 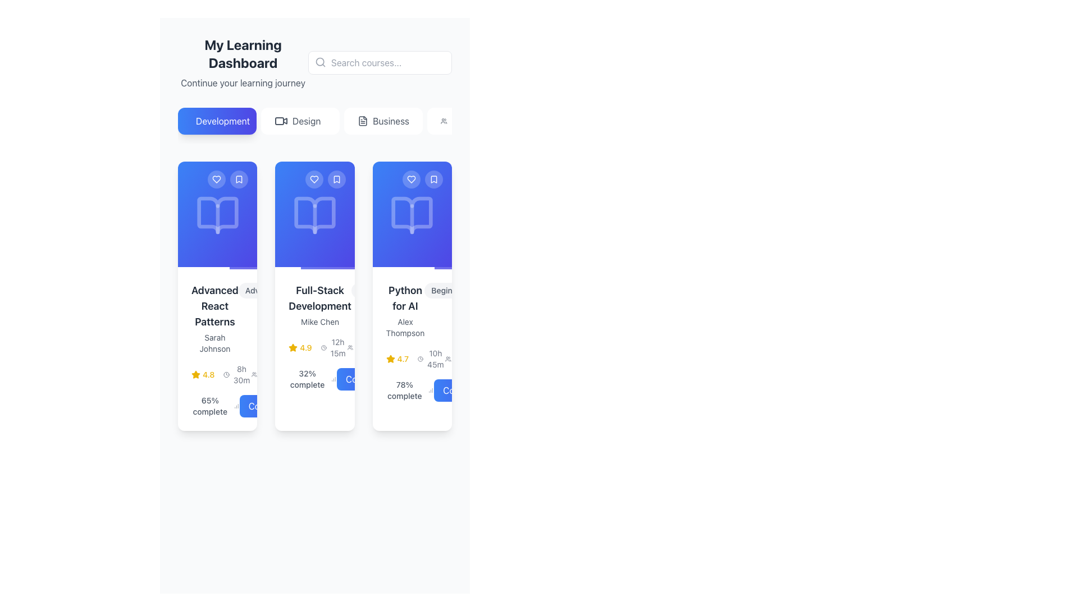 What do you see at coordinates (307, 379) in the screenshot?
I see `text label displaying '32% complete' located in the bottom section of the middle card above the blue 'Continue' button` at bounding box center [307, 379].